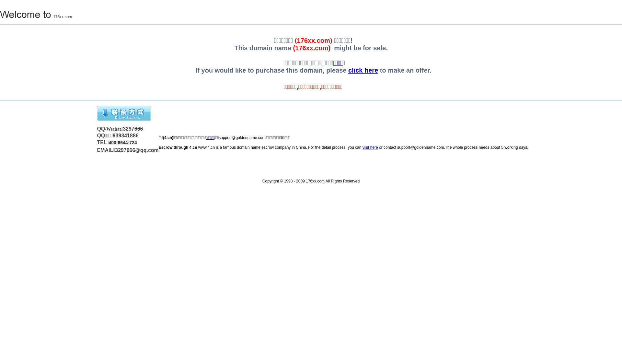 This screenshot has width=622, height=350. What do you see at coordinates (370, 147) in the screenshot?
I see `'visit here'` at bounding box center [370, 147].